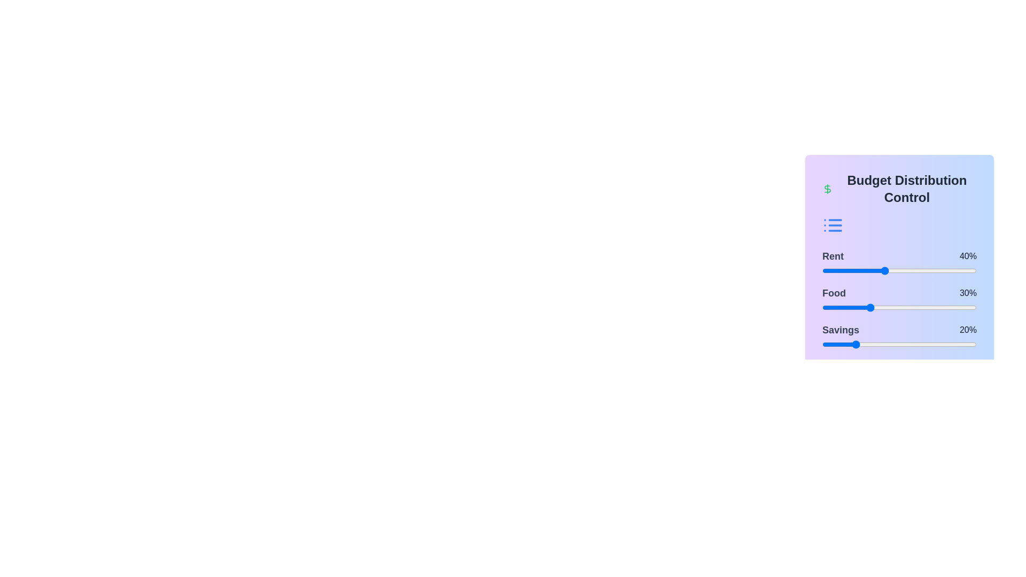  Describe the element at coordinates (833, 293) in the screenshot. I see `the text label Food associated with a slider` at that location.